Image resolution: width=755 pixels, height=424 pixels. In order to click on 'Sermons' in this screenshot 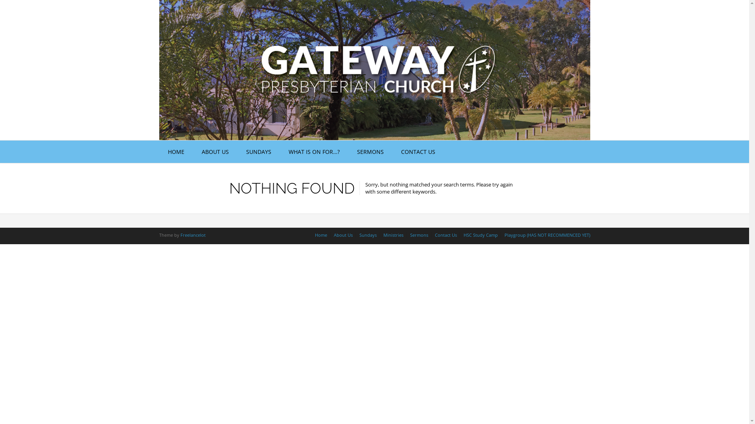, I will do `click(418, 234)`.